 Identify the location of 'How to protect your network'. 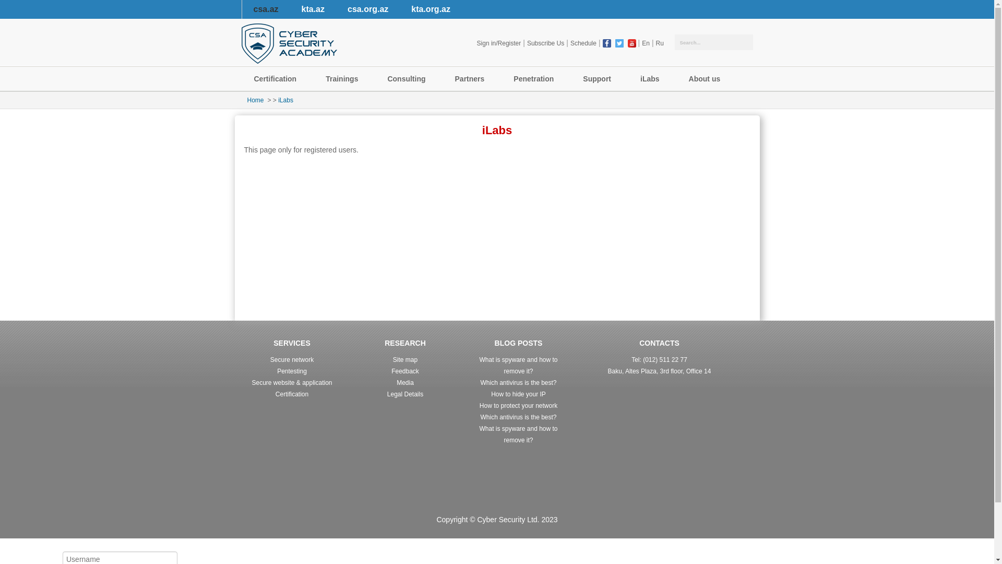
(479, 405).